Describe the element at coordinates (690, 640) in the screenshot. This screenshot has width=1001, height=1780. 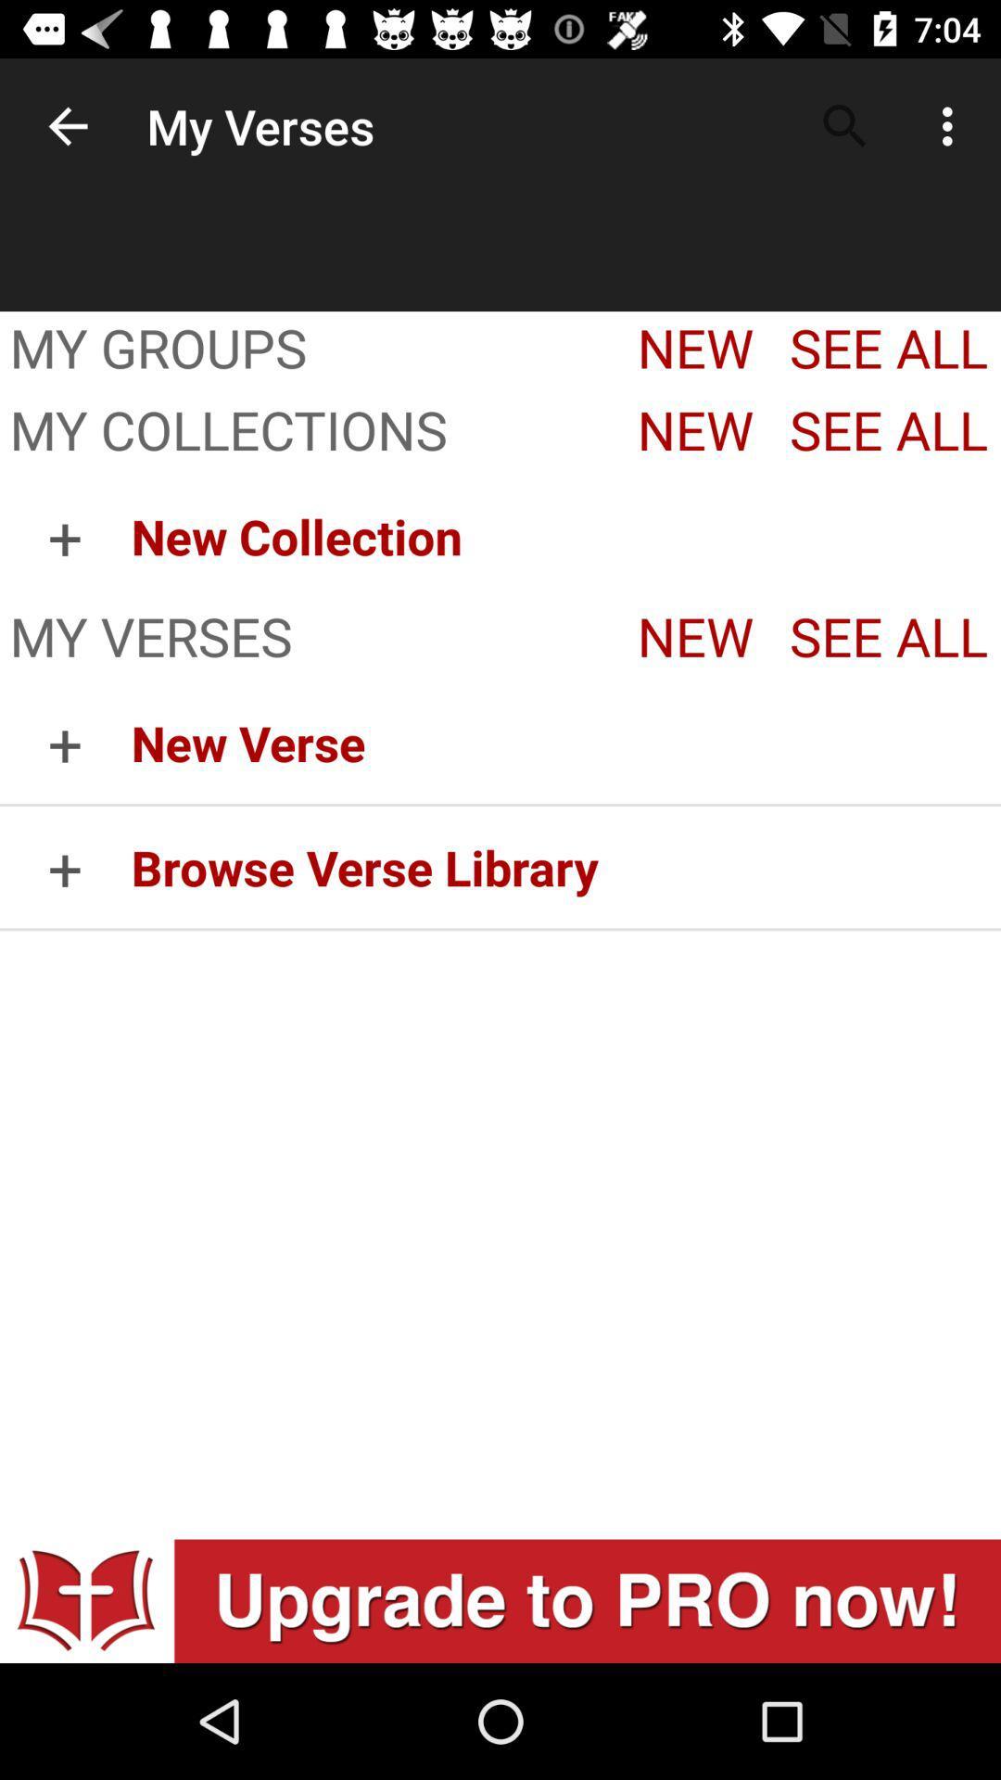
I see `the button which is right to my verses` at that location.